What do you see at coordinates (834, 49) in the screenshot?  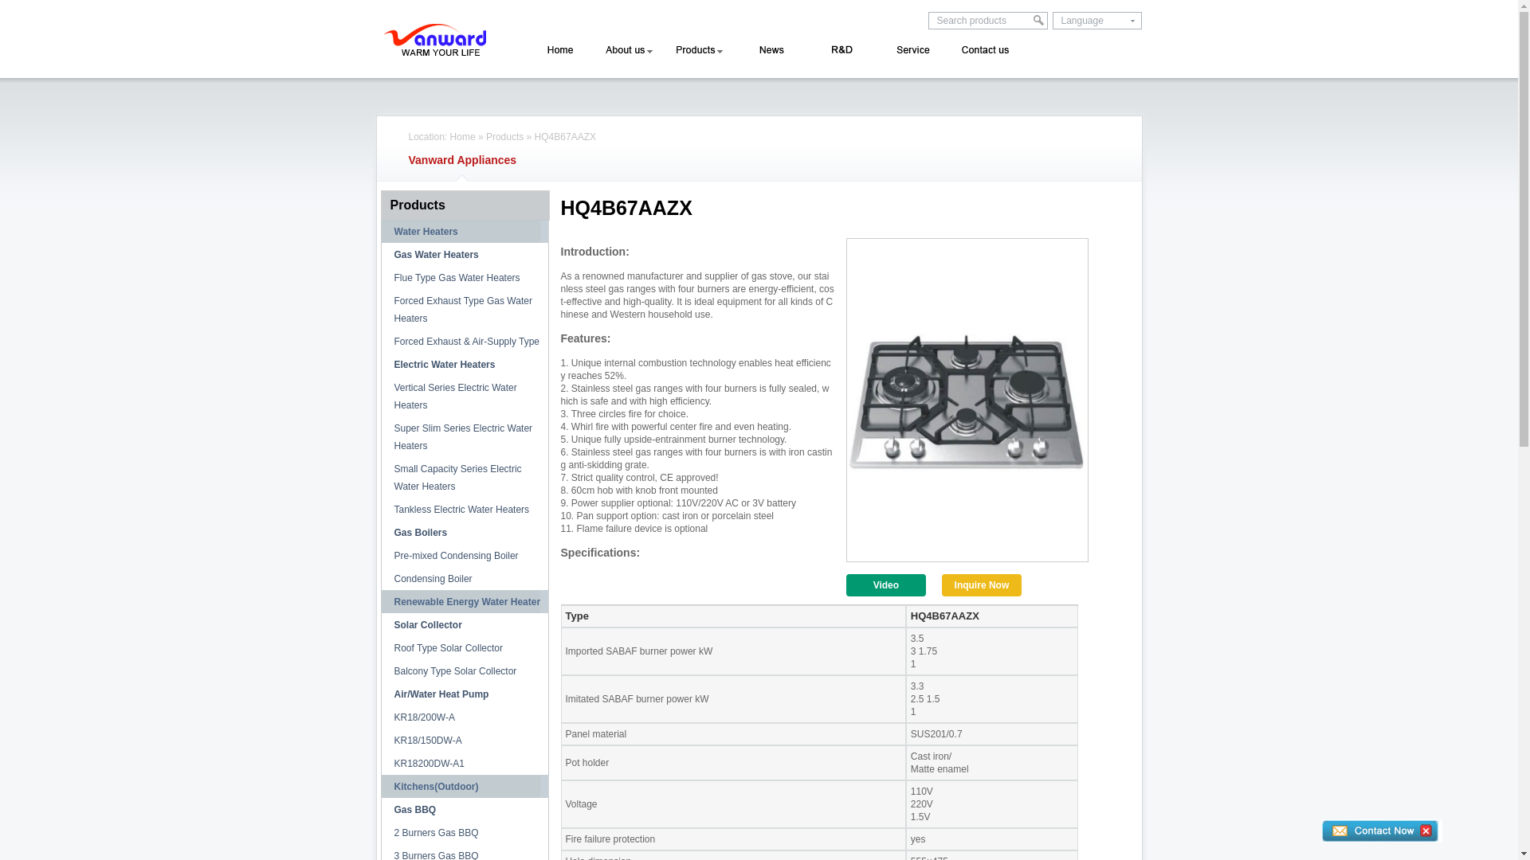 I see `'R&D'` at bounding box center [834, 49].